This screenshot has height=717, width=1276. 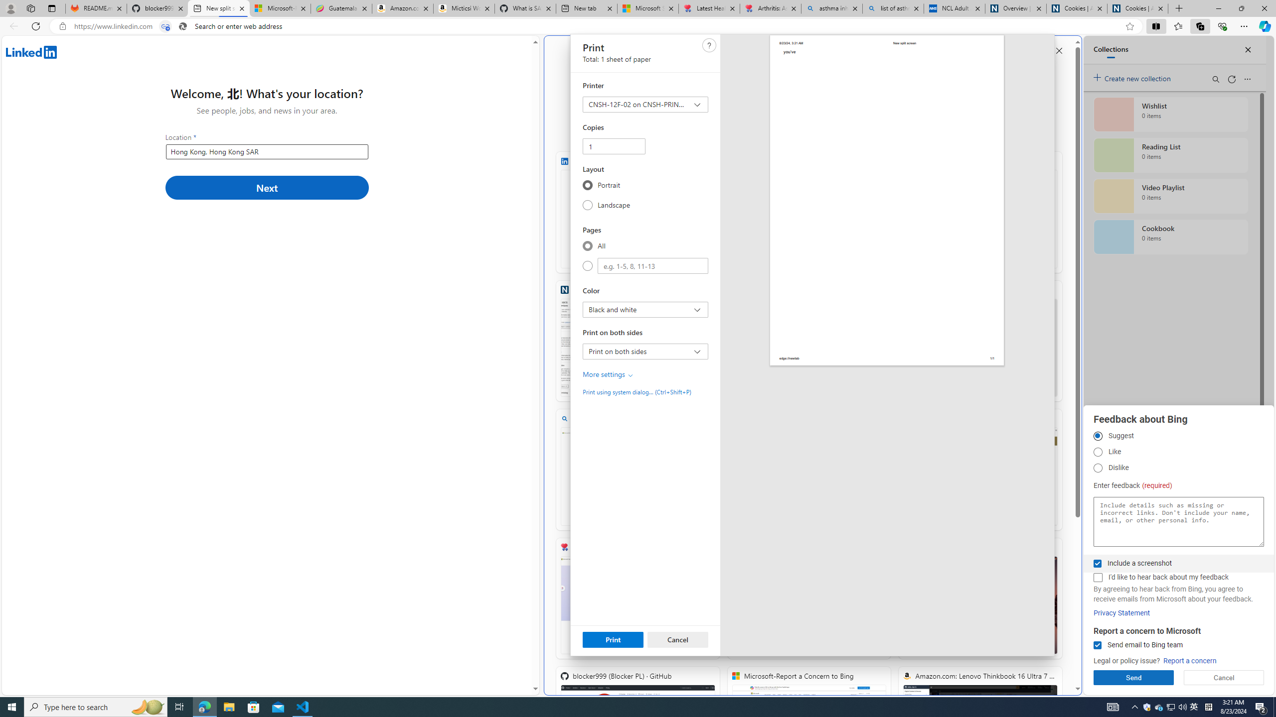 What do you see at coordinates (587, 265) in the screenshot?
I see `'Custom'` at bounding box center [587, 265].